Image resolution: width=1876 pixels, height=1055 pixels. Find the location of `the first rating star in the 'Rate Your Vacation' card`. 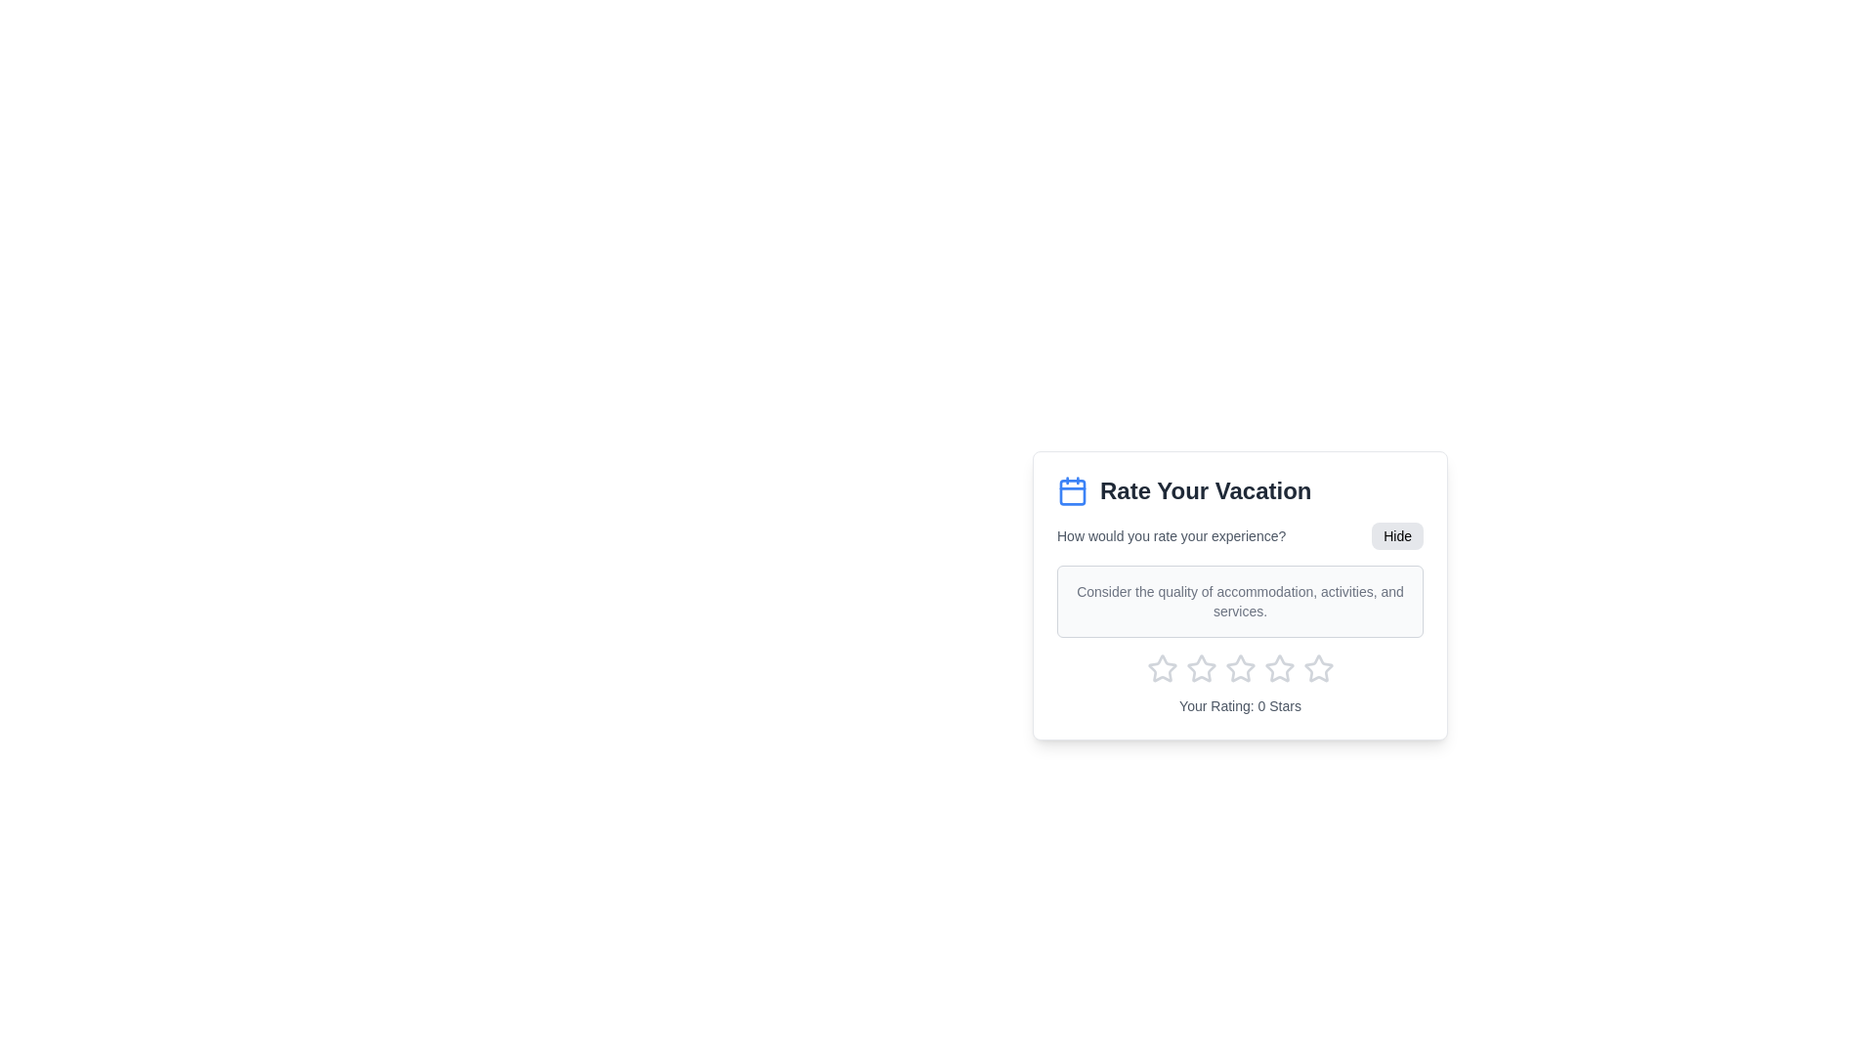

the first rating star in the 'Rate Your Vacation' card is located at coordinates (1200, 667).